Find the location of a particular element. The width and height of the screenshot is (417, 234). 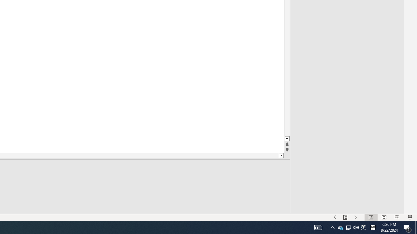

'Menu On' is located at coordinates (345, 217).